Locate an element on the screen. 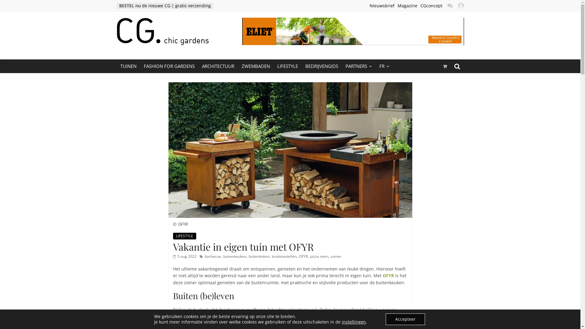 Image resolution: width=585 pixels, height=329 pixels. 'buitenkoken' is located at coordinates (259, 256).